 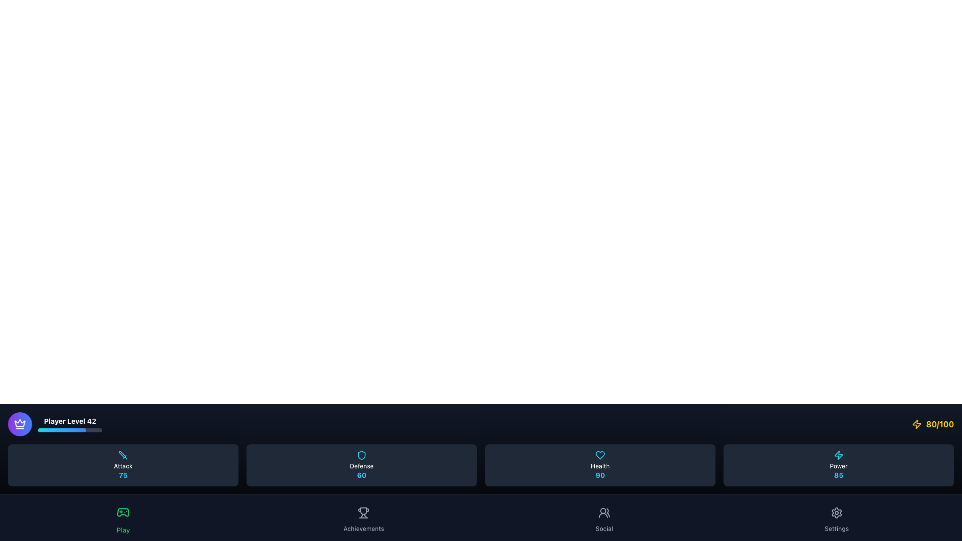 What do you see at coordinates (839, 455) in the screenshot?
I see `the cyan-blue lightning bolt icon, which symbolizes power and energy, located at the center of the box containing the text 'Power' and '85'` at bounding box center [839, 455].